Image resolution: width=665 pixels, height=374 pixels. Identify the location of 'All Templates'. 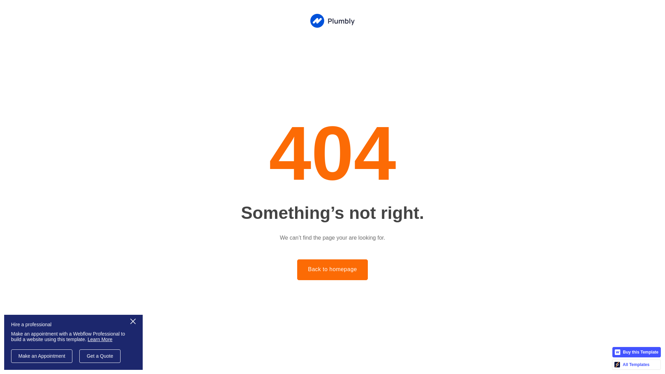
(636, 364).